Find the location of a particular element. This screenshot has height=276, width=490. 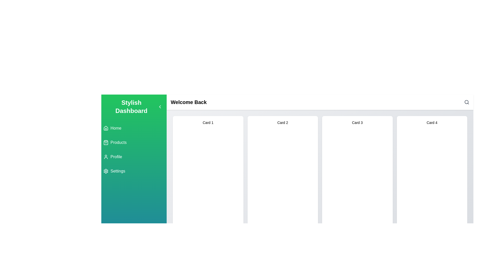

the text label that identifies 'Card 3' located centrally within the card in the main content area is located at coordinates (357, 122).